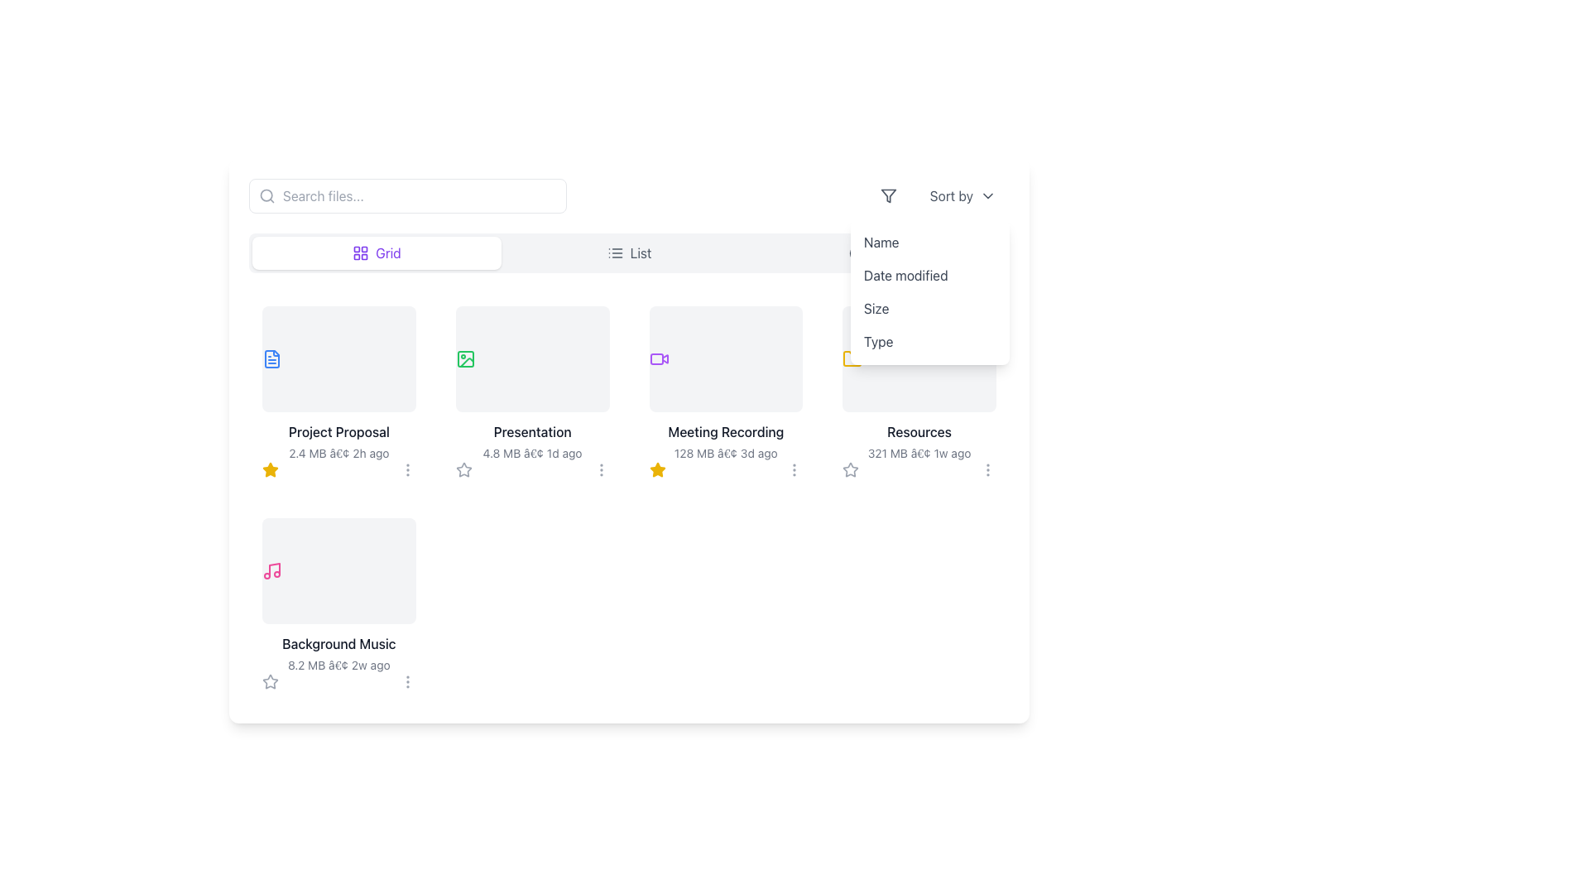 This screenshot has height=894, width=1589. What do you see at coordinates (338, 643) in the screenshot?
I see `the text label displaying 'Background Music', which is styled with medium weight and dark gray color, located in the file listing interface` at bounding box center [338, 643].